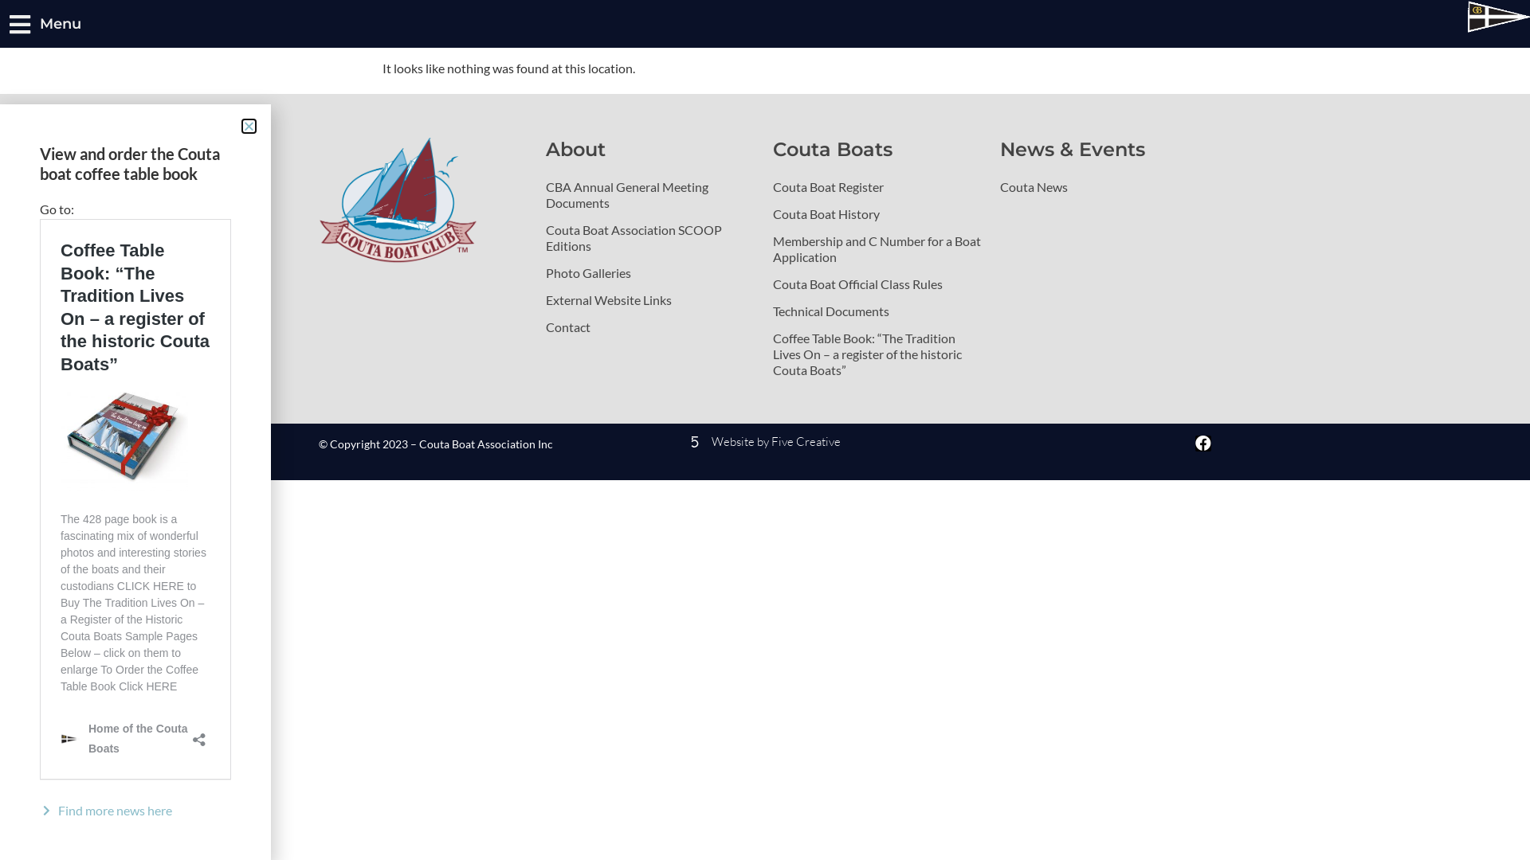  I want to click on 'Find more news here', so click(135, 811).